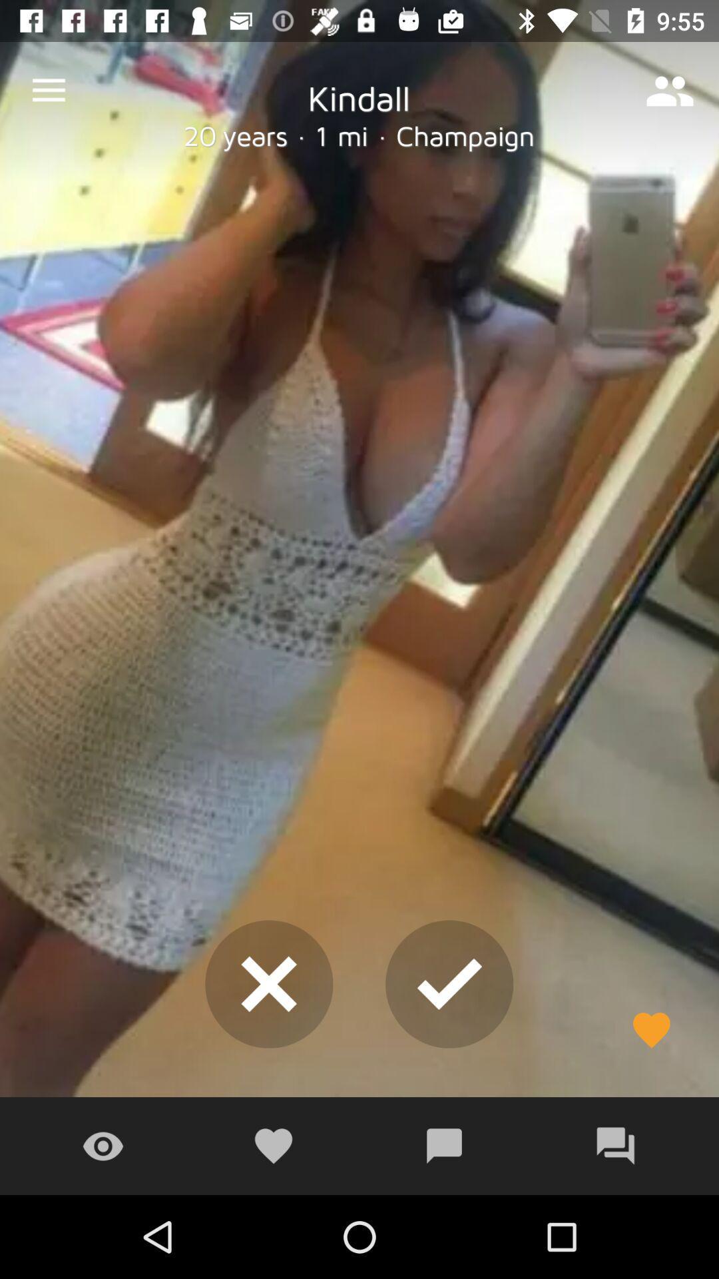 This screenshot has height=1279, width=719. What do you see at coordinates (269, 984) in the screenshot?
I see `the close icon` at bounding box center [269, 984].